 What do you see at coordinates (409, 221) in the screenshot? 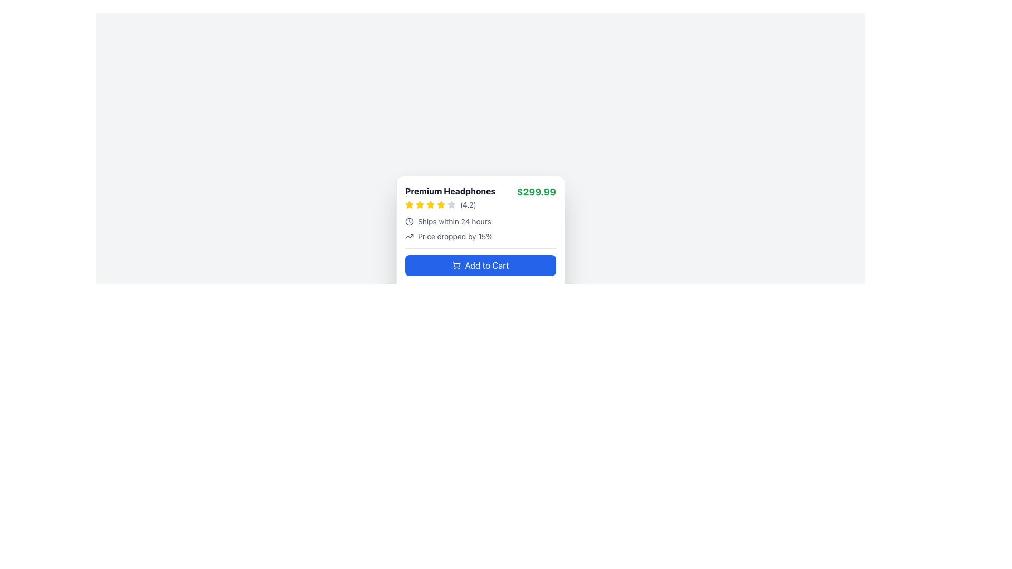
I see `the circular outline of the clock icon, which serves as its outer border` at bounding box center [409, 221].